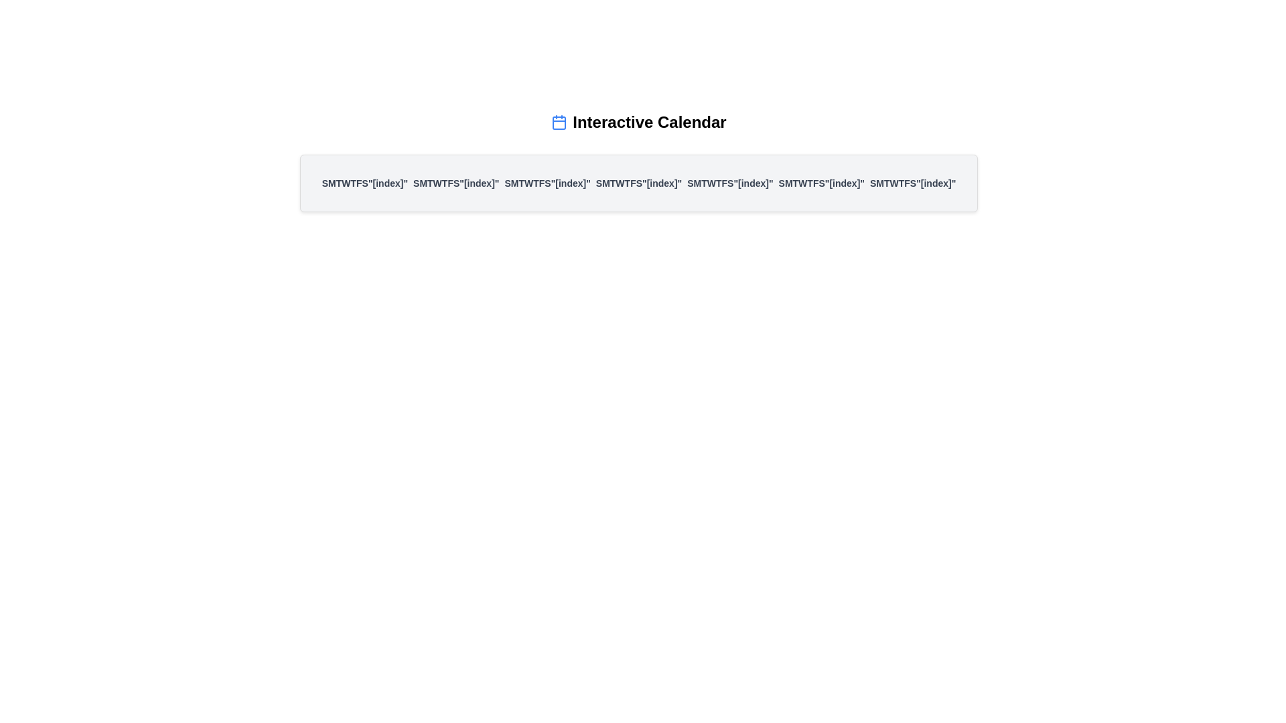  Describe the element at coordinates (559, 122) in the screenshot. I see `the calendar icon, which is a square with rounded corners and a blue outline, located to the left of the text 'Interactive Calendar'` at that location.